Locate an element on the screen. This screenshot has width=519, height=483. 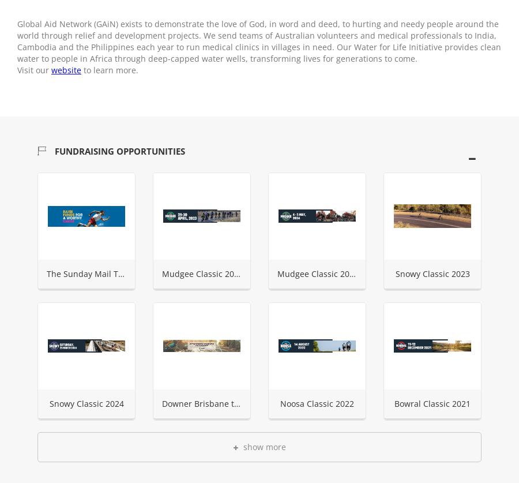
'website' is located at coordinates (66, 70).